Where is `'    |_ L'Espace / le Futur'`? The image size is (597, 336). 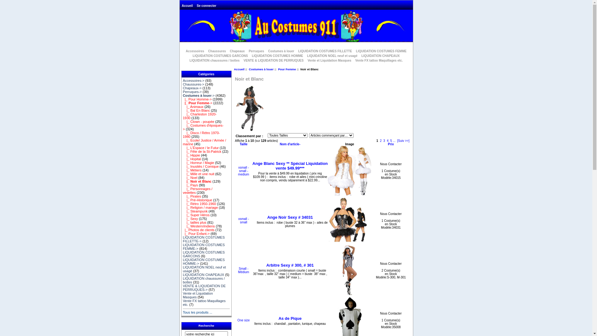
'    |_ L'Espace / le Futur' is located at coordinates (201, 147).